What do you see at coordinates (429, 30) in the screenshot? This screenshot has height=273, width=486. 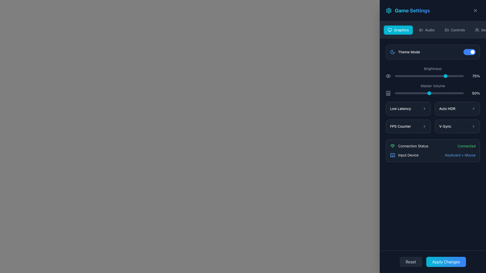 I see `the 'Audio' text label located in the navigation bar, which indicates audio settings in the application interface` at bounding box center [429, 30].